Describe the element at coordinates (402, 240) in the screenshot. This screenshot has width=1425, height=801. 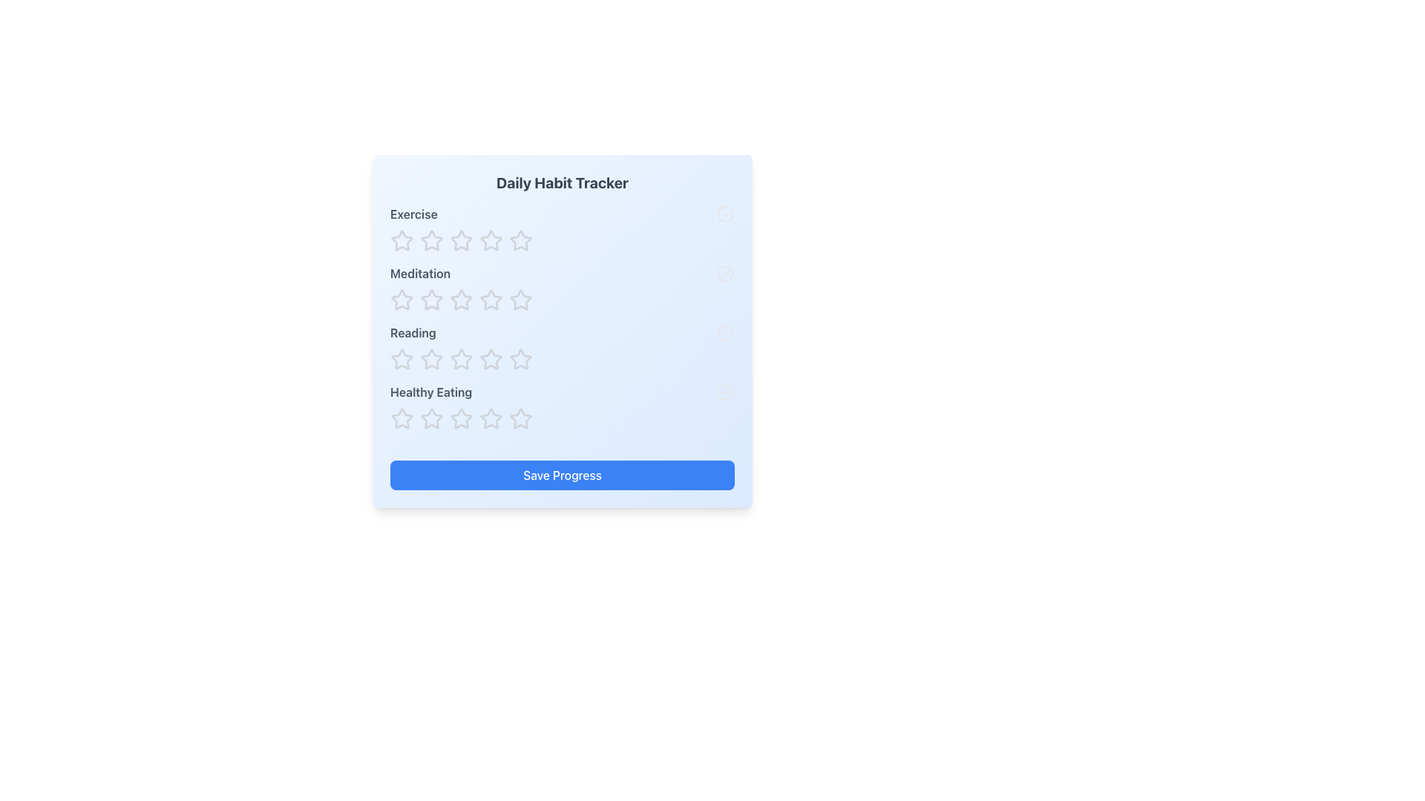
I see `the first star icon in the 'Exercise' habit row of the 'Daily Habit Tracker'` at that location.